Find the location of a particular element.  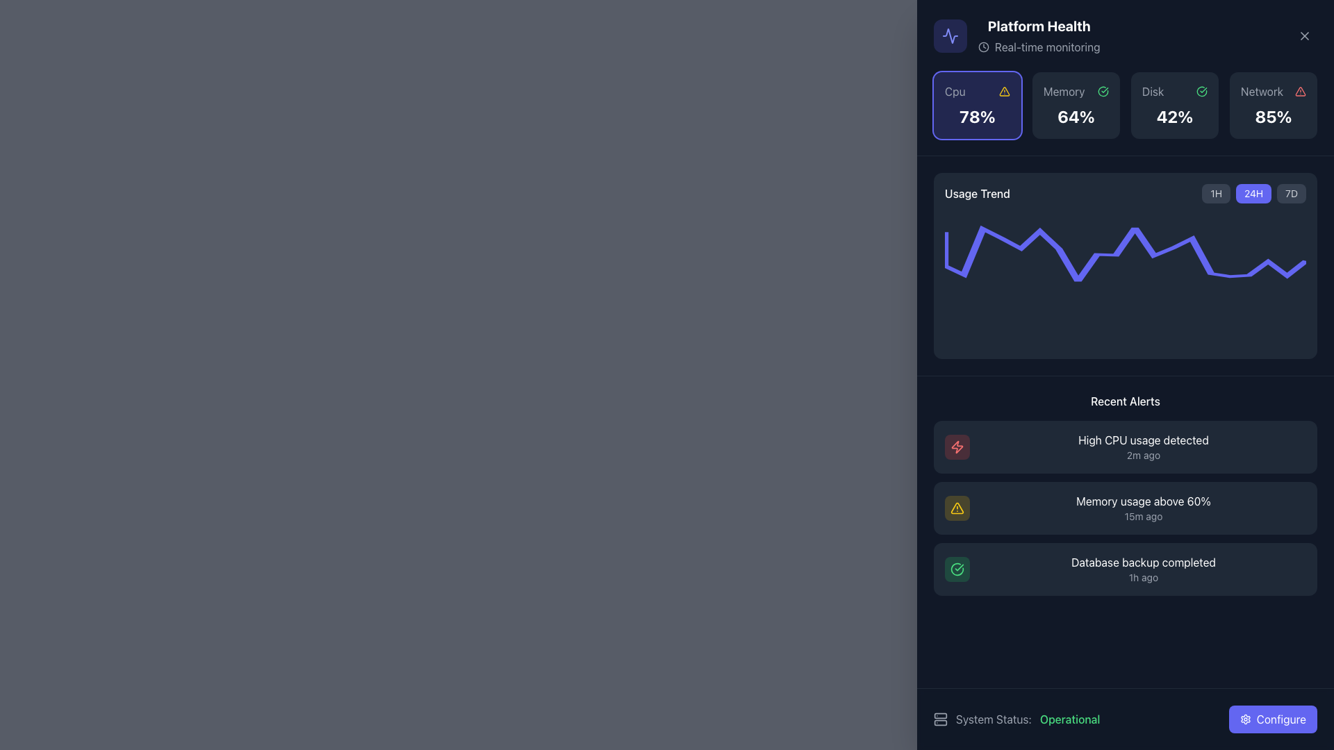

the static text element displaying CPU usage percentage located within the 'Cpu' segment in the upper-left section of the interface to check for additional functionality or information is located at coordinates (976, 116).